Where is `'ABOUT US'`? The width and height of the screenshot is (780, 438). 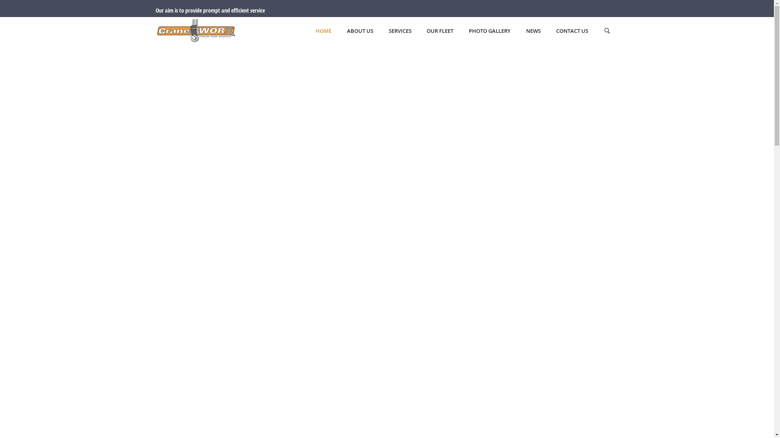
'ABOUT US' is located at coordinates (360, 31).